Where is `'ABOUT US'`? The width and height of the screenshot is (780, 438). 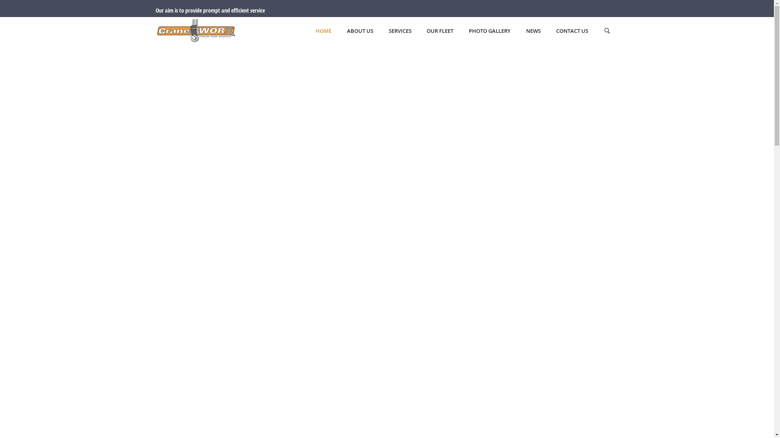
'ABOUT US' is located at coordinates (360, 31).